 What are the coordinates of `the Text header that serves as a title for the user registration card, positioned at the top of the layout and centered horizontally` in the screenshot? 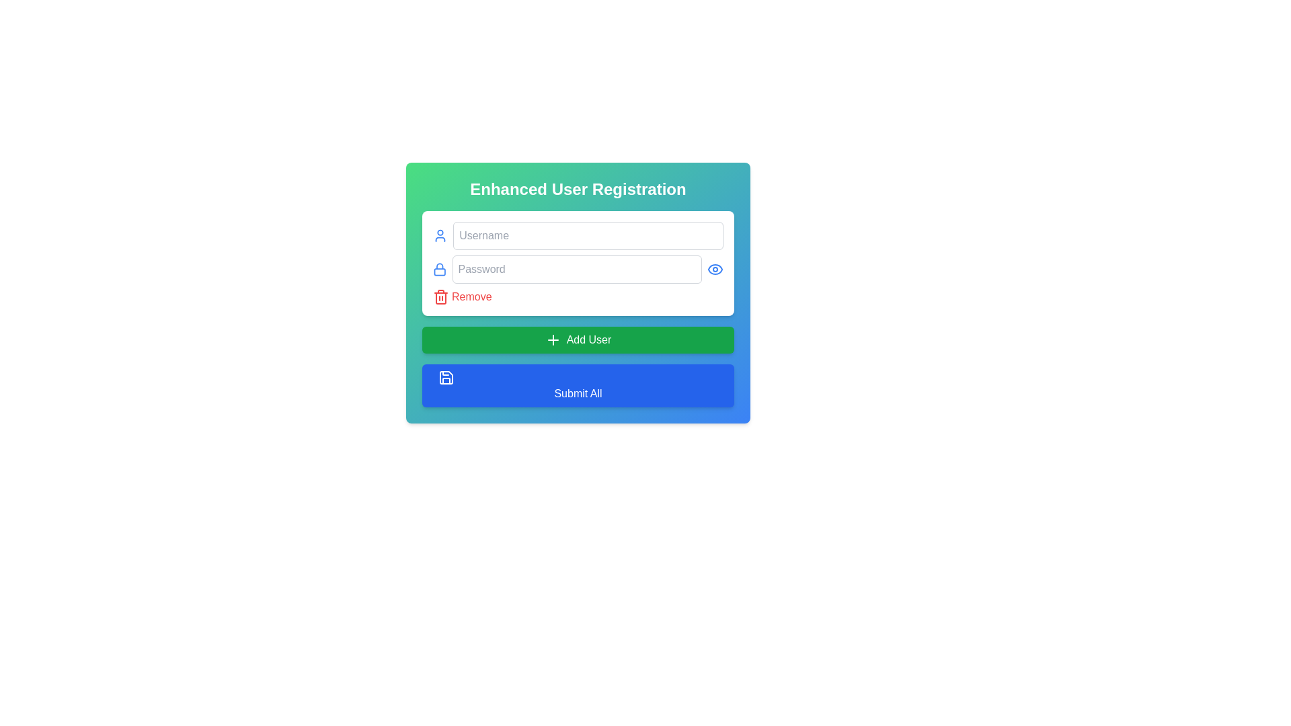 It's located at (578, 189).